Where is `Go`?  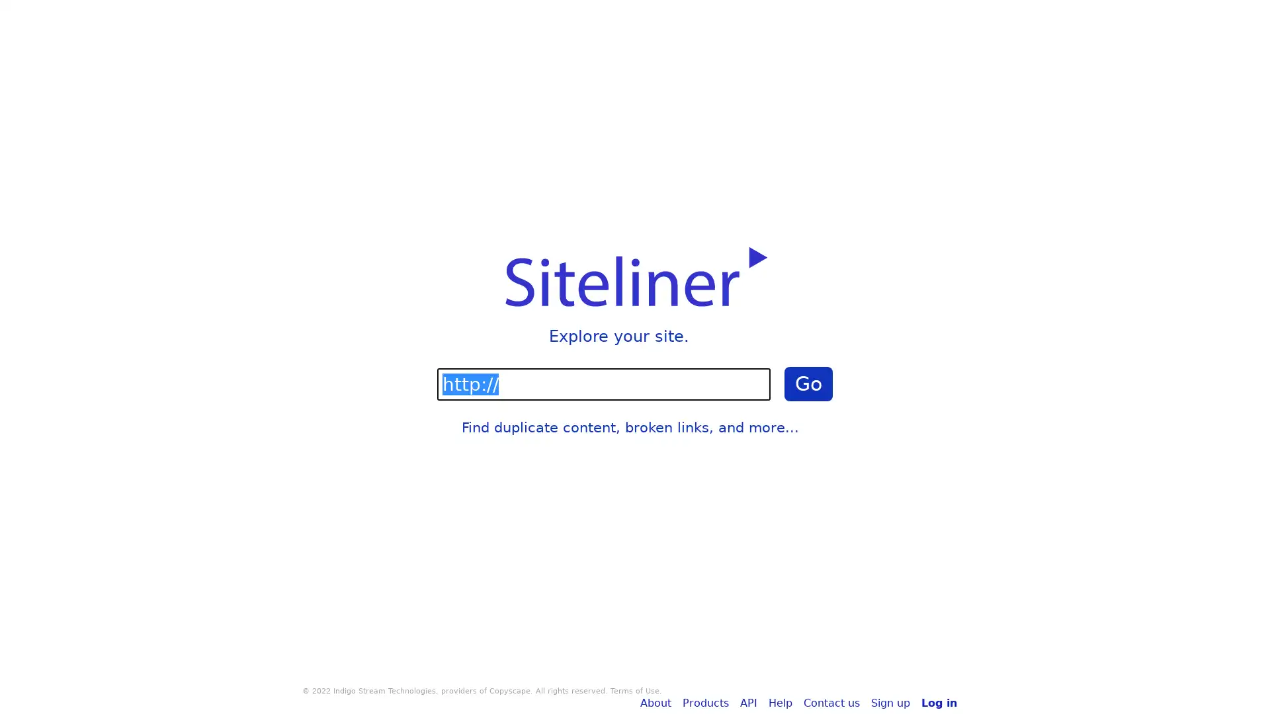 Go is located at coordinates (808, 383).